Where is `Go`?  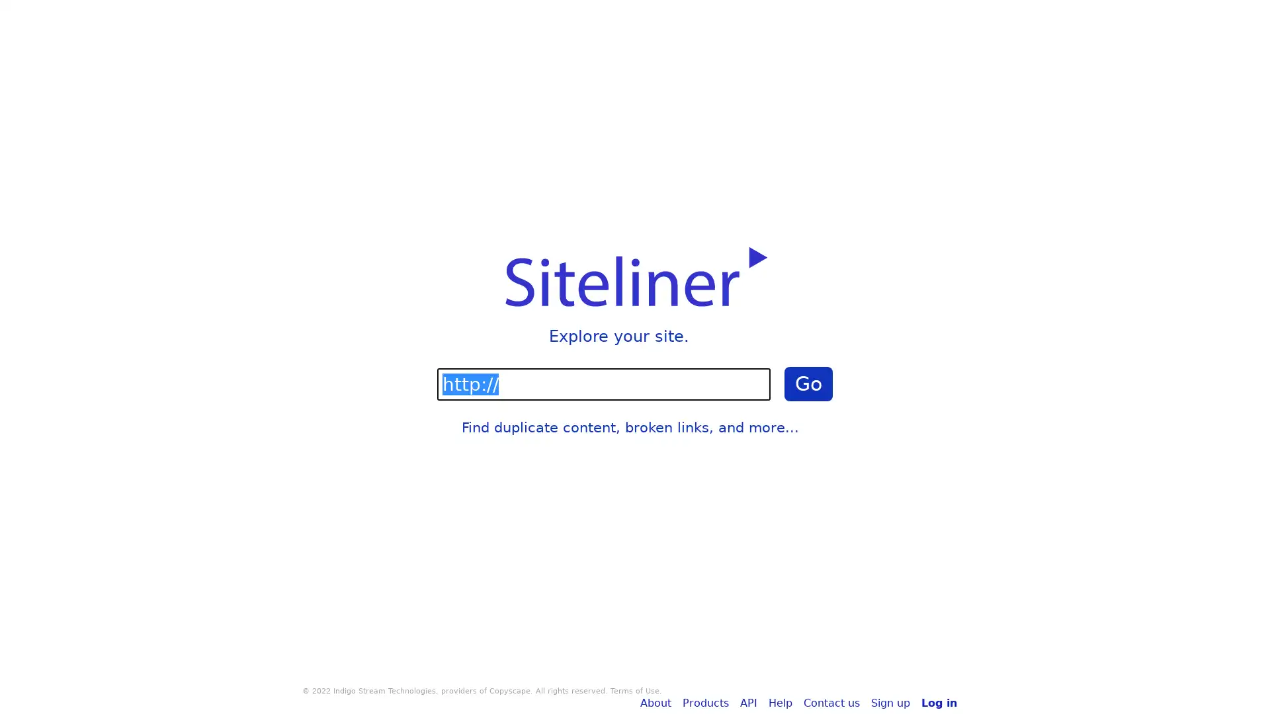 Go is located at coordinates (808, 383).